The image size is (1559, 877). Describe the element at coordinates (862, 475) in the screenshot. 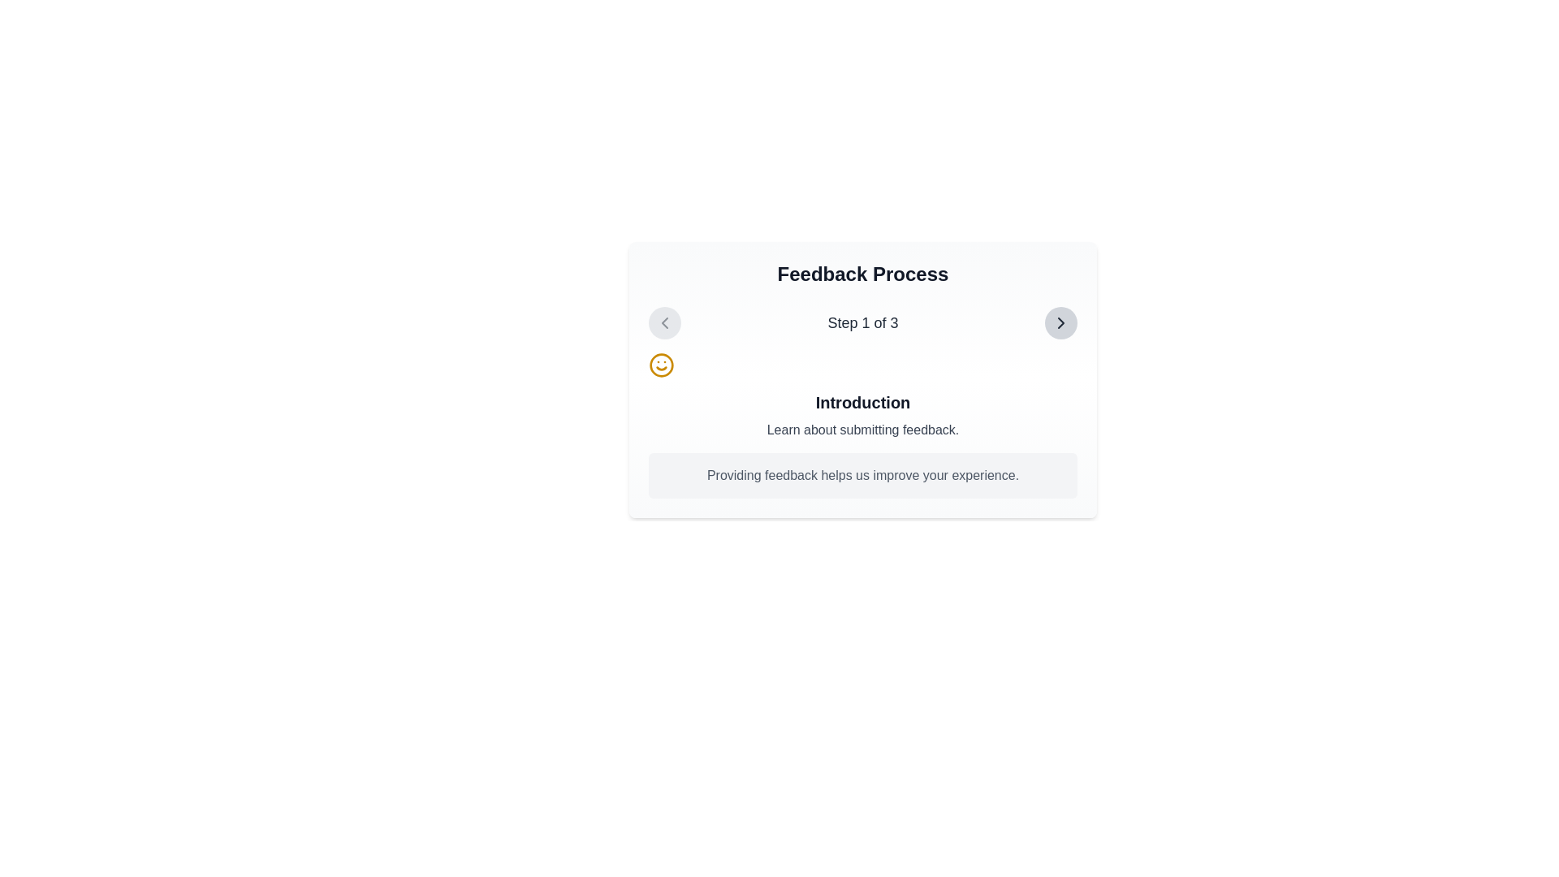

I see `the informational text located at the bottom of the rounded gray panel, which communicates the value of providing feedback` at that location.